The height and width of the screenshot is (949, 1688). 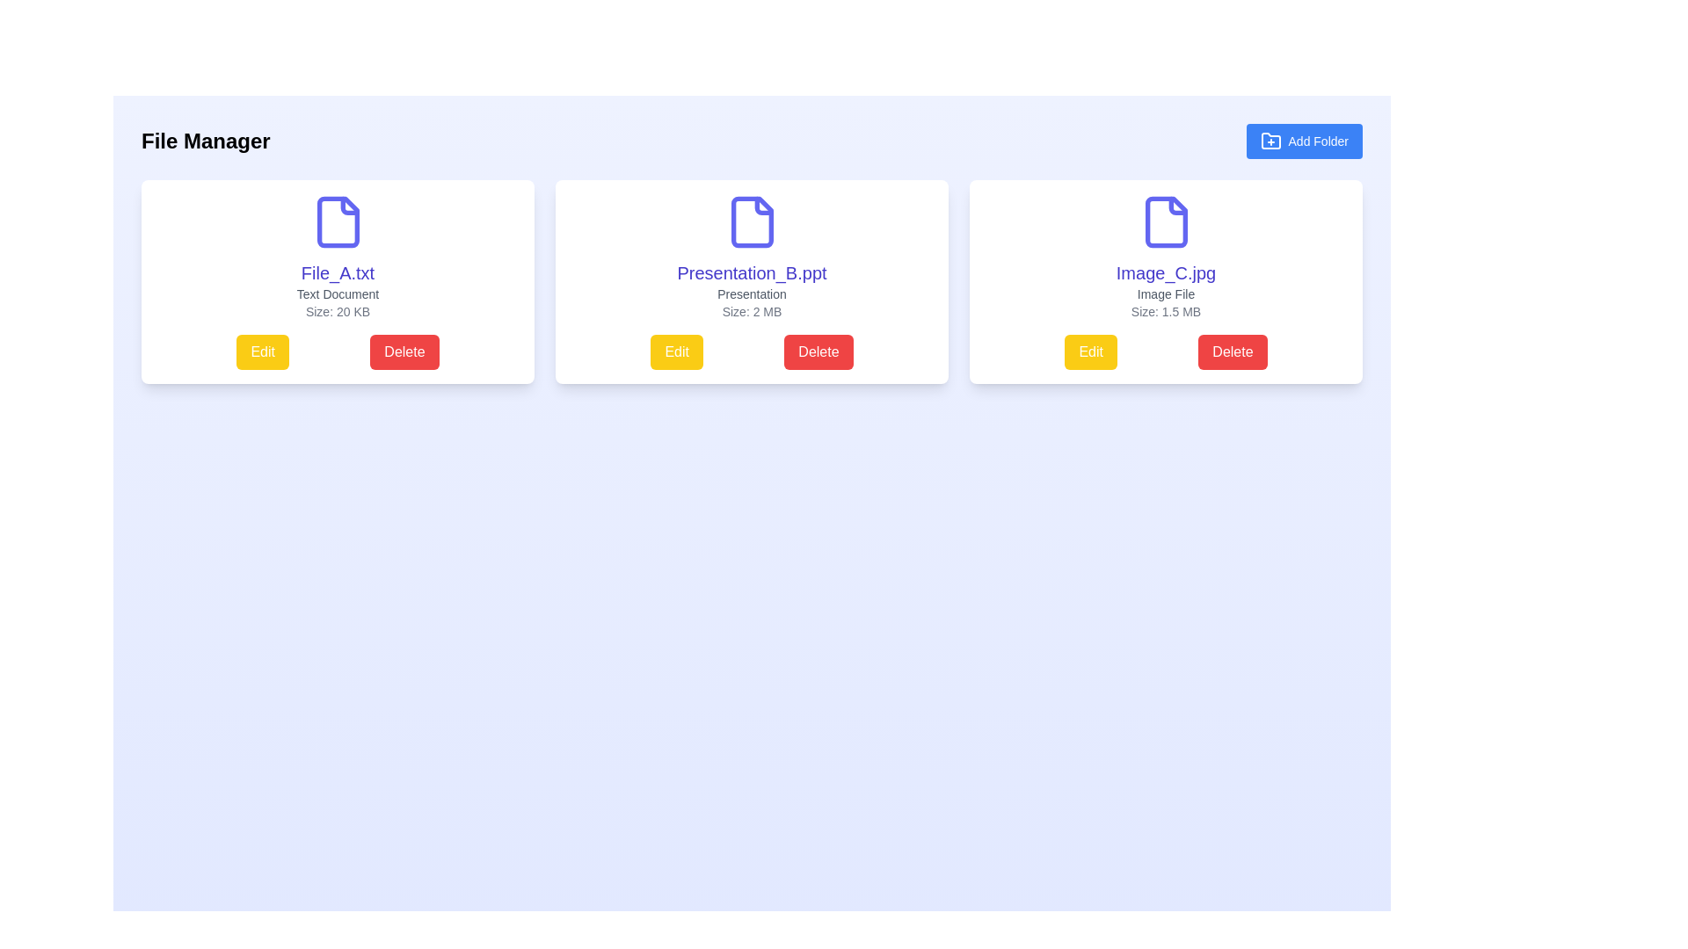 What do you see at coordinates (1166, 280) in the screenshot?
I see `the Card Component displaying the file 'Image_C.jpg', located at the far right of the grid layout in the File Manager` at bounding box center [1166, 280].